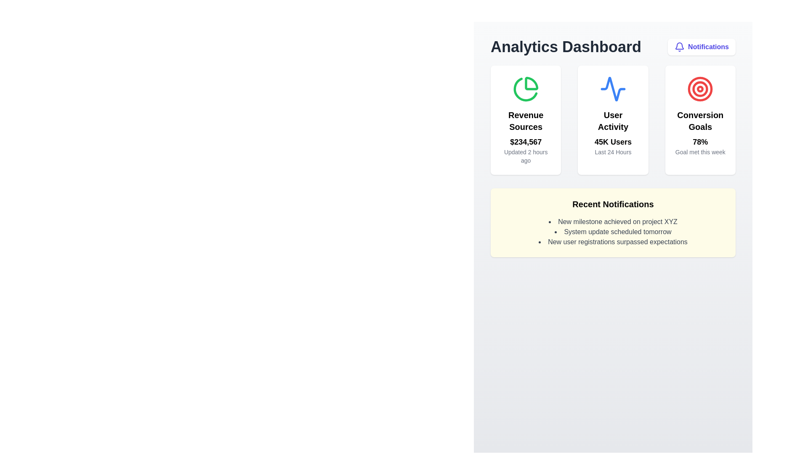  What do you see at coordinates (702, 47) in the screenshot?
I see `the 'Notifications' button, which is styled as a notification icon with a bell-shaped icon and indigo text, located in the top-right corner of the interface` at bounding box center [702, 47].